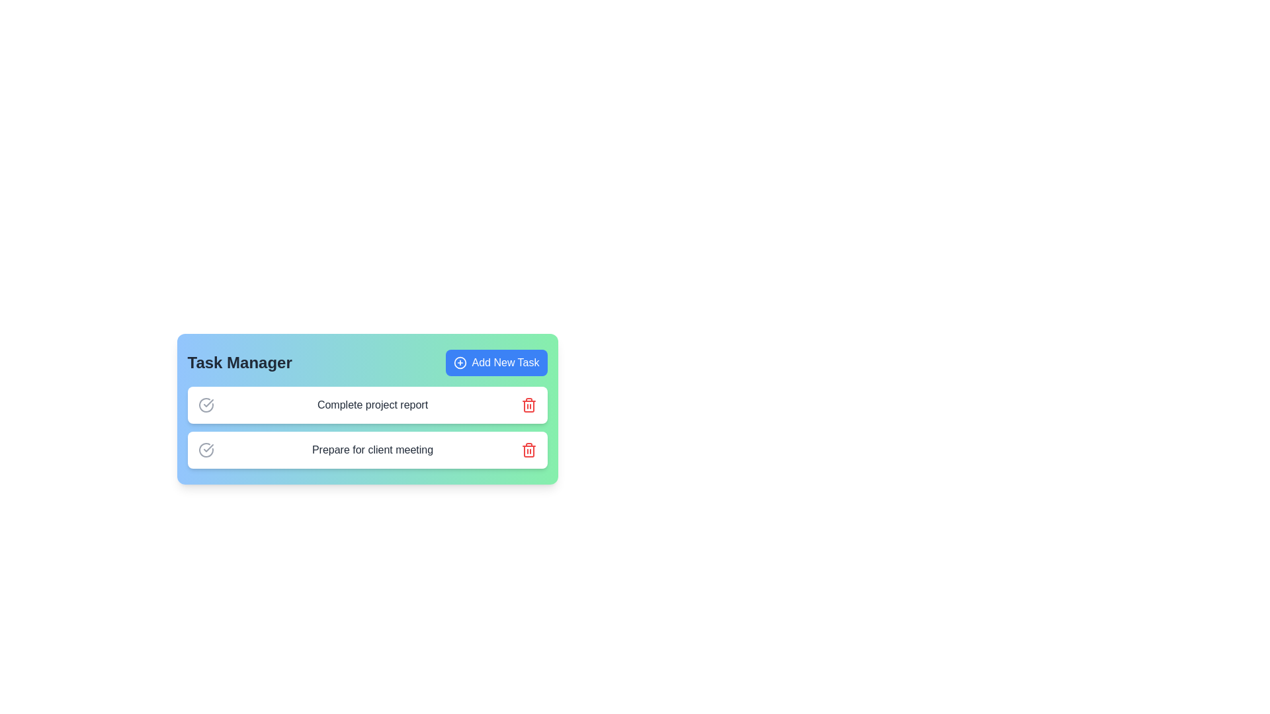 The image size is (1270, 714). Describe the element at coordinates (528, 405) in the screenshot. I see `the red trash bin icon button located on the right side of the 'Complete project report' task row` at that location.